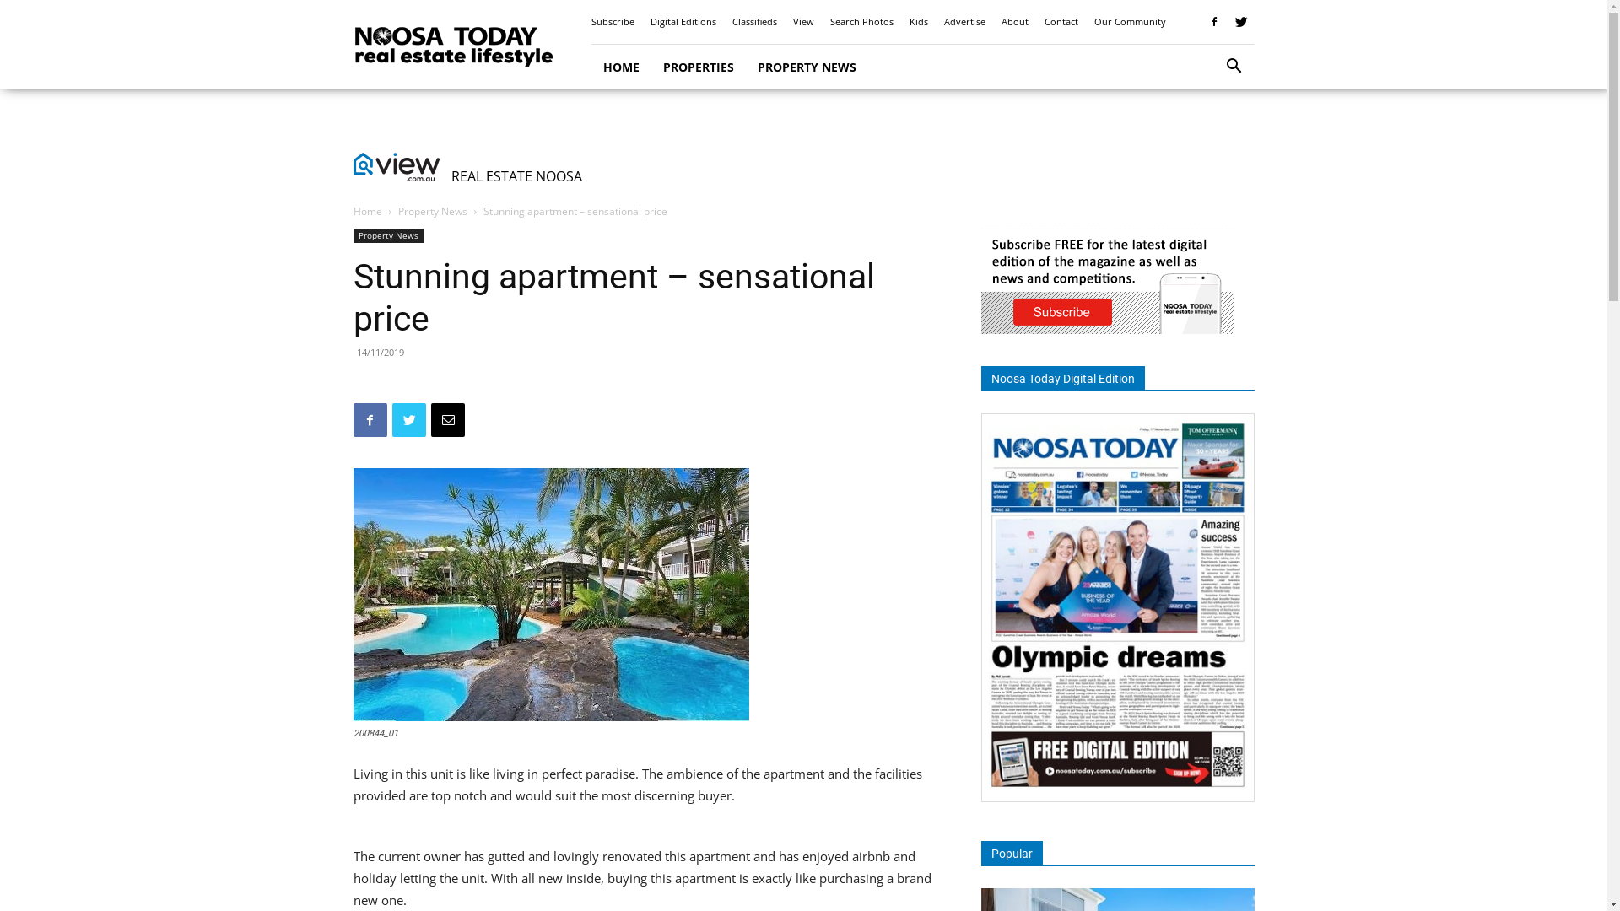 The height and width of the screenshot is (911, 1620). I want to click on 'HOME', so click(619, 66).